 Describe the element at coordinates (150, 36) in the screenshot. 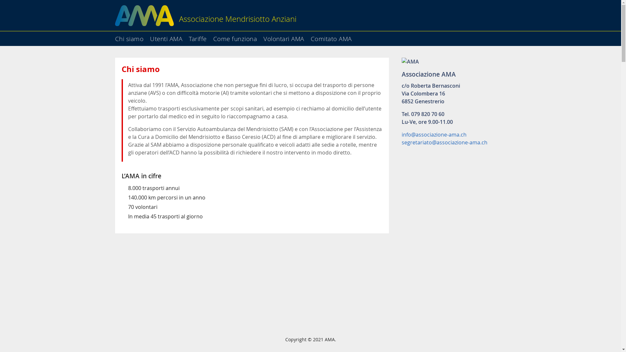

I see `'Utenti AMA'` at that location.